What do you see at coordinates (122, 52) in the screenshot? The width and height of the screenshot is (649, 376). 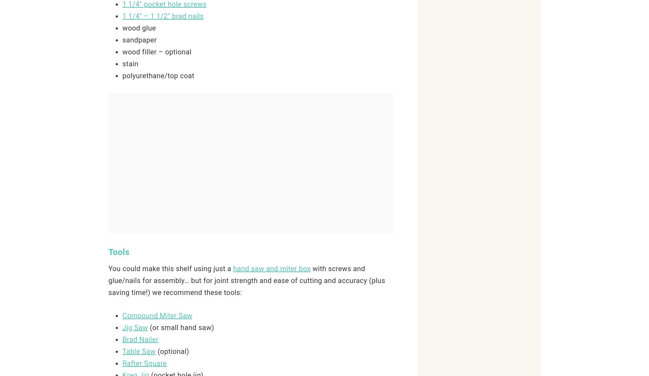 I see `'wood filler – optional'` at bounding box center [122, 52].